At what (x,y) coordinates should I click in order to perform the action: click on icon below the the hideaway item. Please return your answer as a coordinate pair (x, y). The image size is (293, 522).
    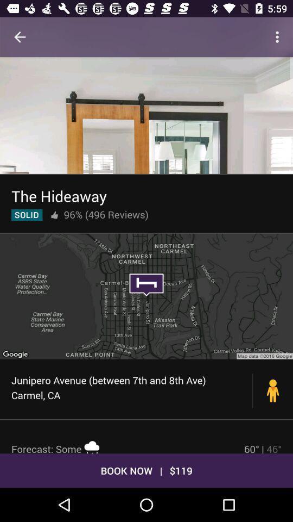
    Looking at the image, I should click on (54, 214).